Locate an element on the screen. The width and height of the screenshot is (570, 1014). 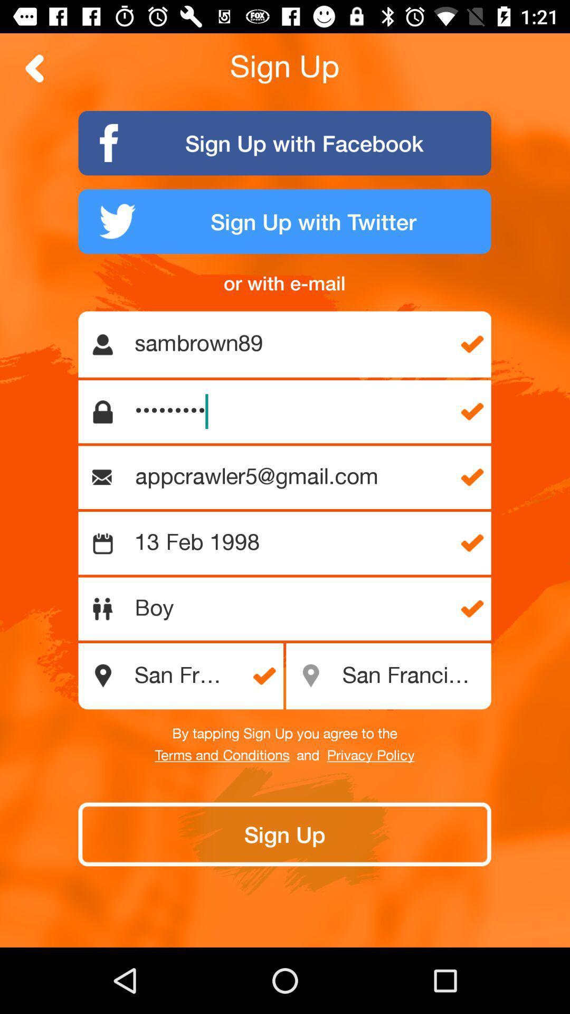
back is located at coordinates (34, 68).